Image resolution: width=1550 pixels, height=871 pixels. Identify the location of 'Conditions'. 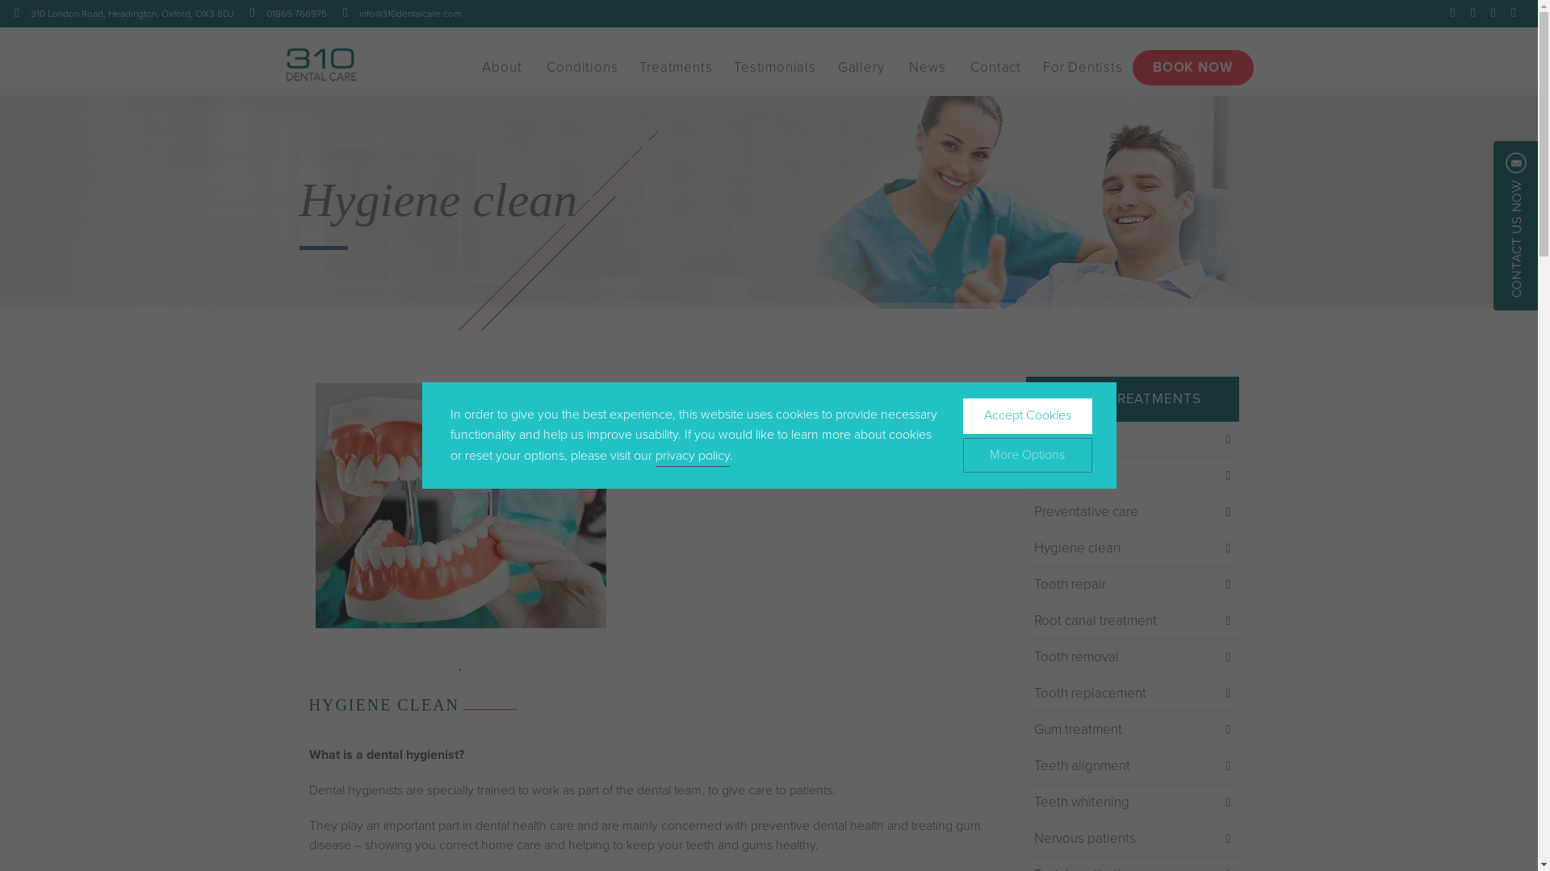
(581, 71).